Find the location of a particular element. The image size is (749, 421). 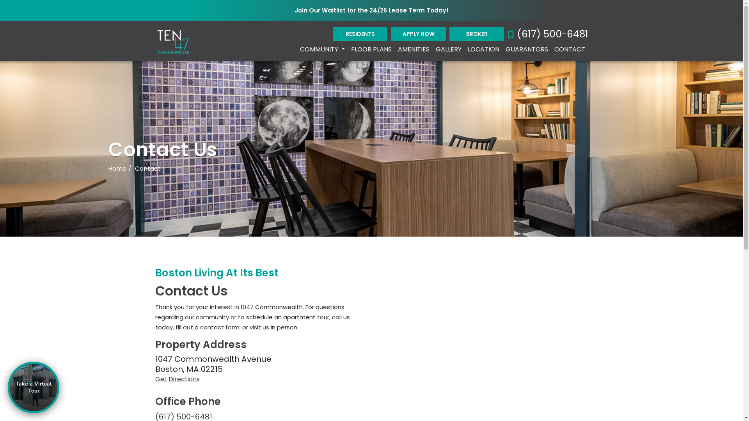

'GUARANTORS' is located at coordinates (527, 49).